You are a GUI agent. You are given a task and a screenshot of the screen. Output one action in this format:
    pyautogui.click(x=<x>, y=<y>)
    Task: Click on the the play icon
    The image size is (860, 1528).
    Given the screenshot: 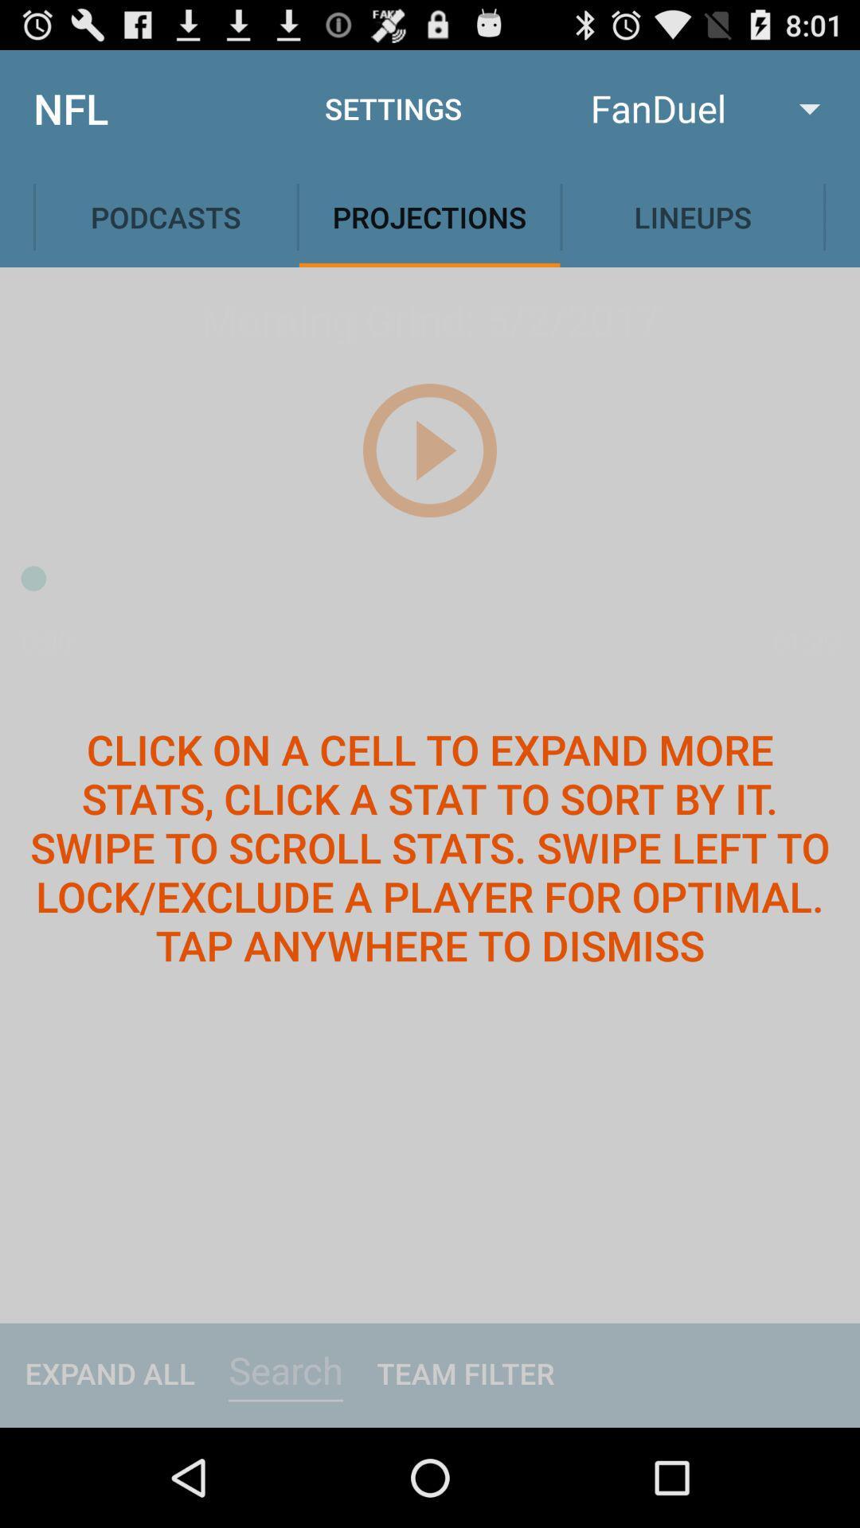 What is the action you would take?
    pyautogui.click(x=428, y=481)
    